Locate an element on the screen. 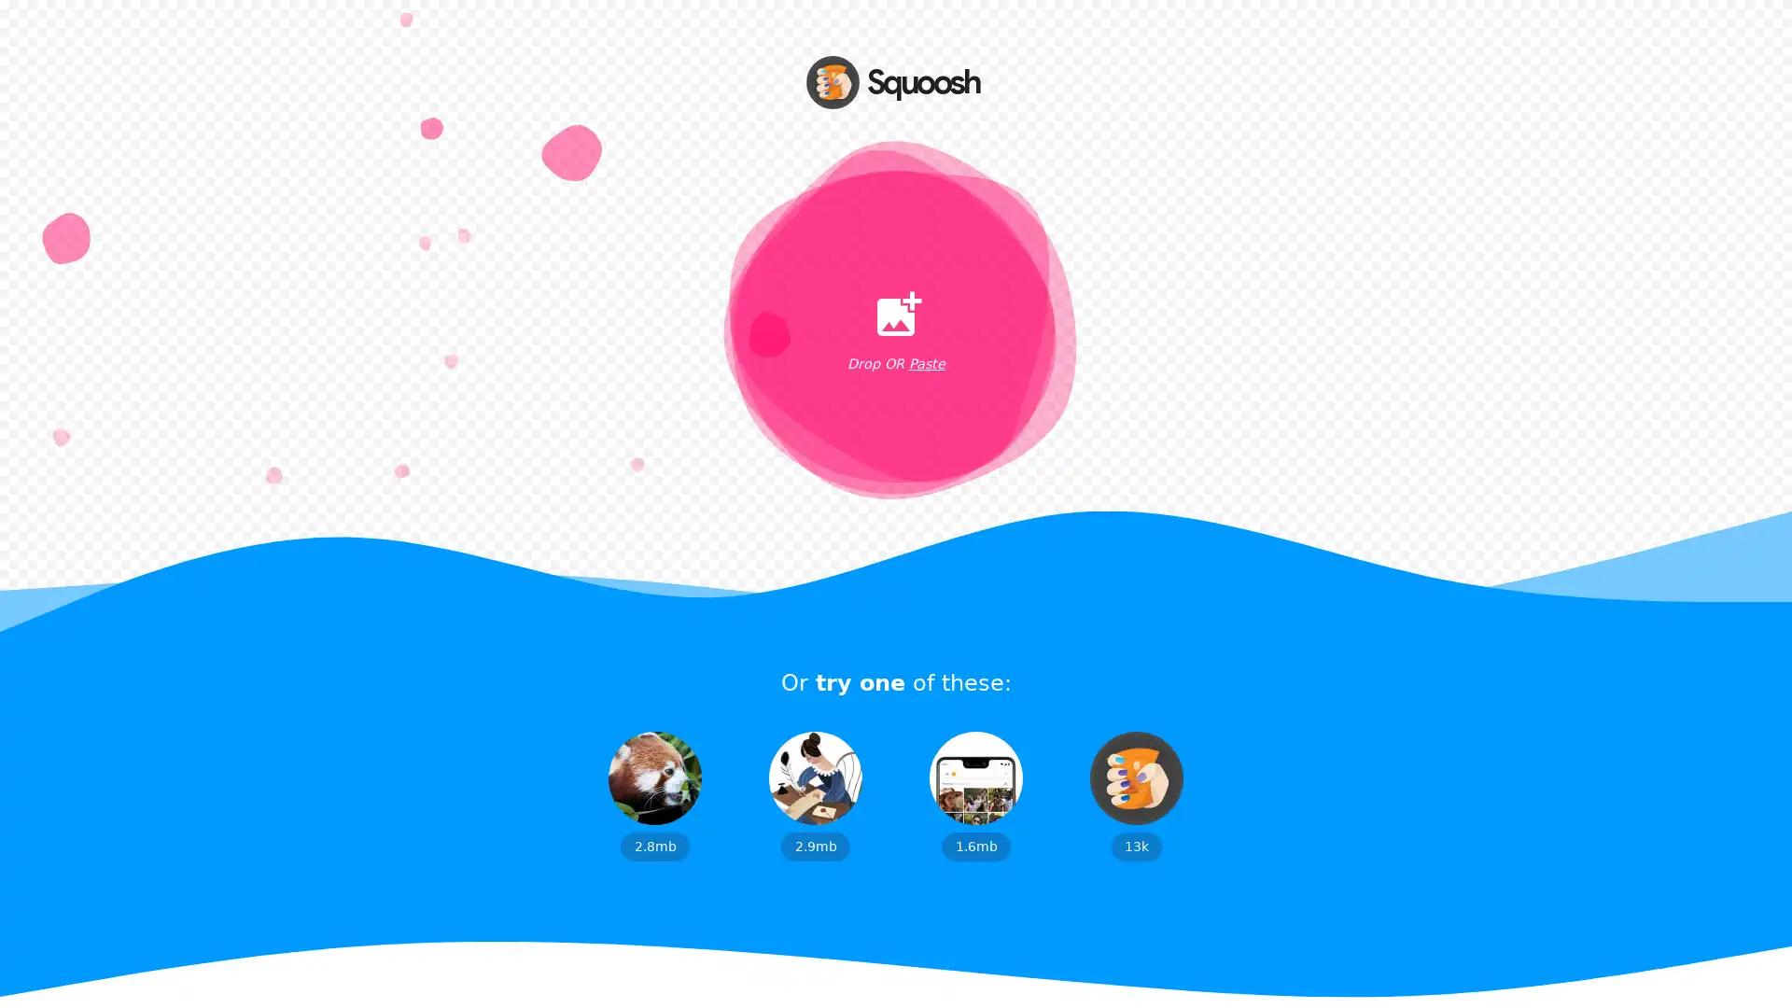 This screenshot has height=1008, width=1792. Large photo 2.8mb is located at coordinates (654, 795).